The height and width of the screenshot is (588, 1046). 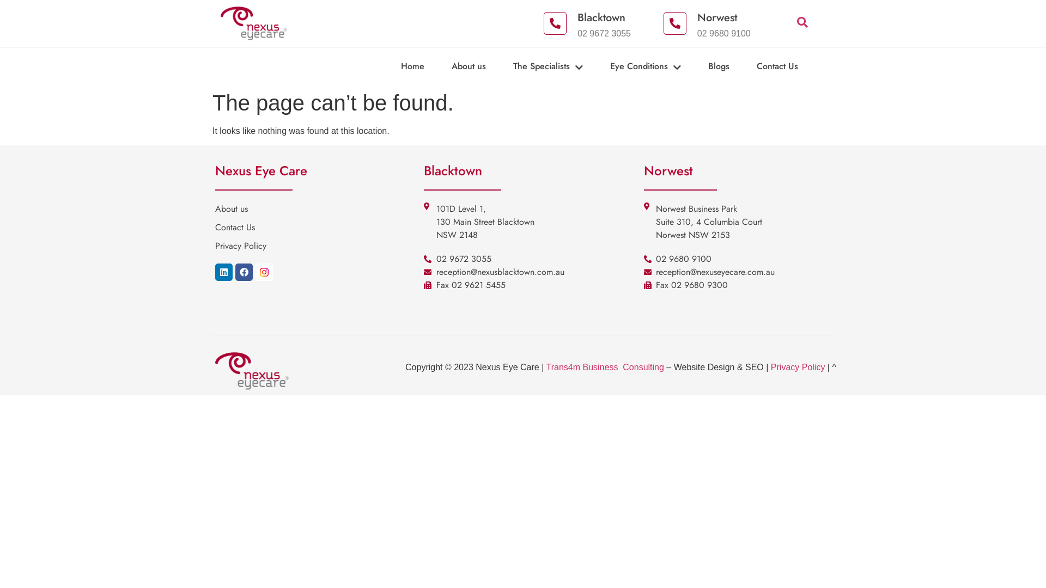 I want to click on 'Contact Us', so click(x=790, y=66).